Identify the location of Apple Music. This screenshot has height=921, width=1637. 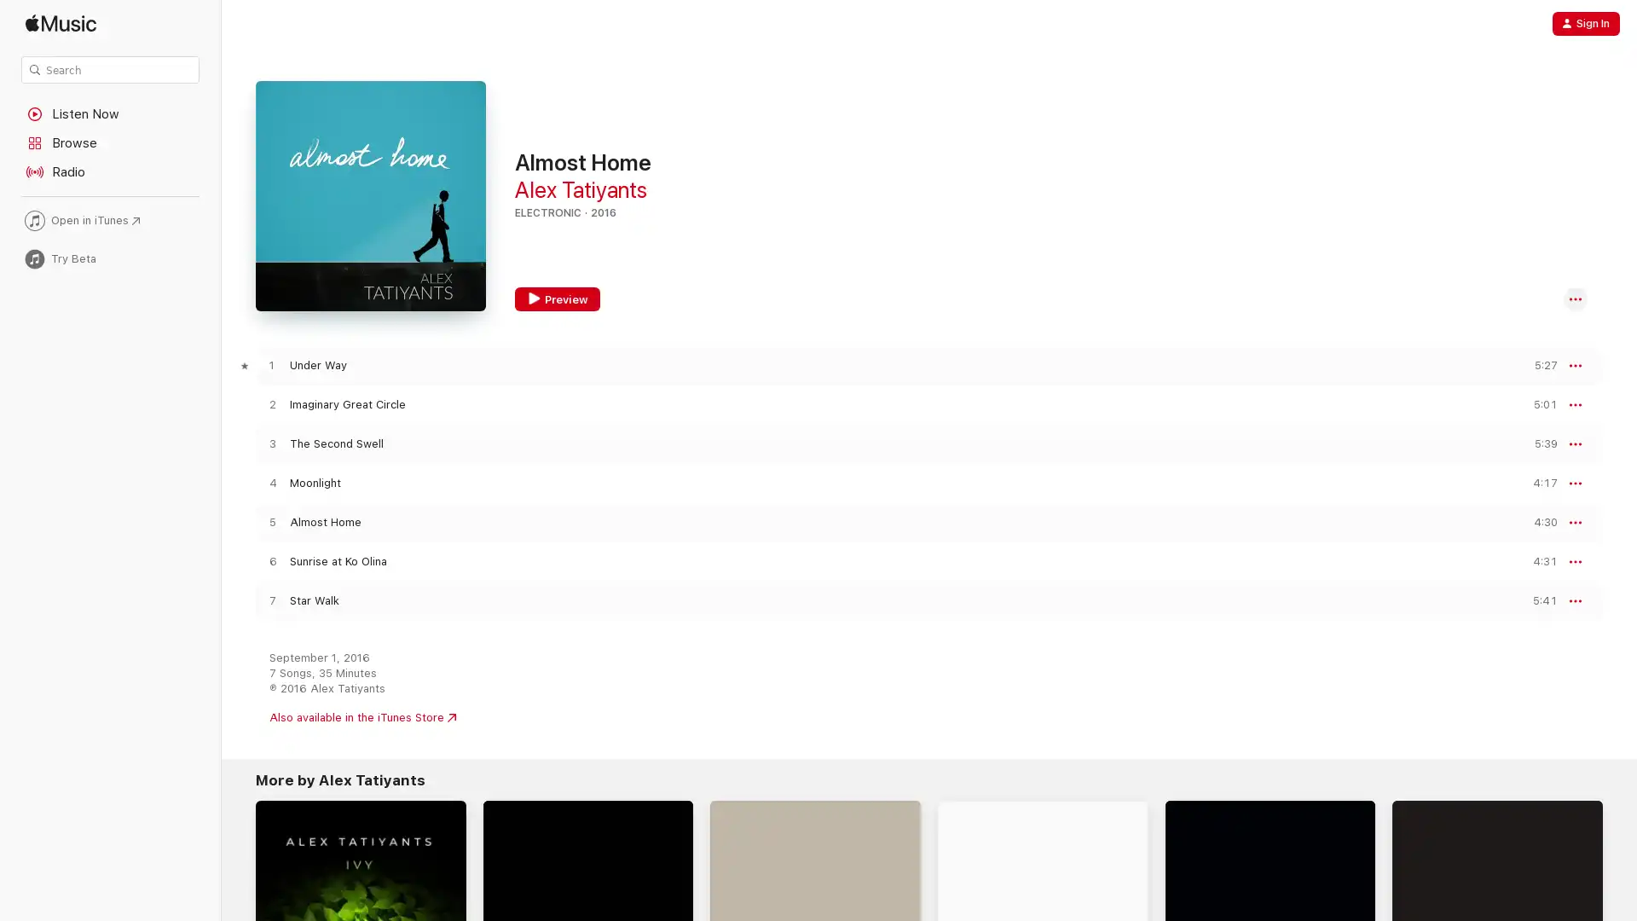
(109, 23).